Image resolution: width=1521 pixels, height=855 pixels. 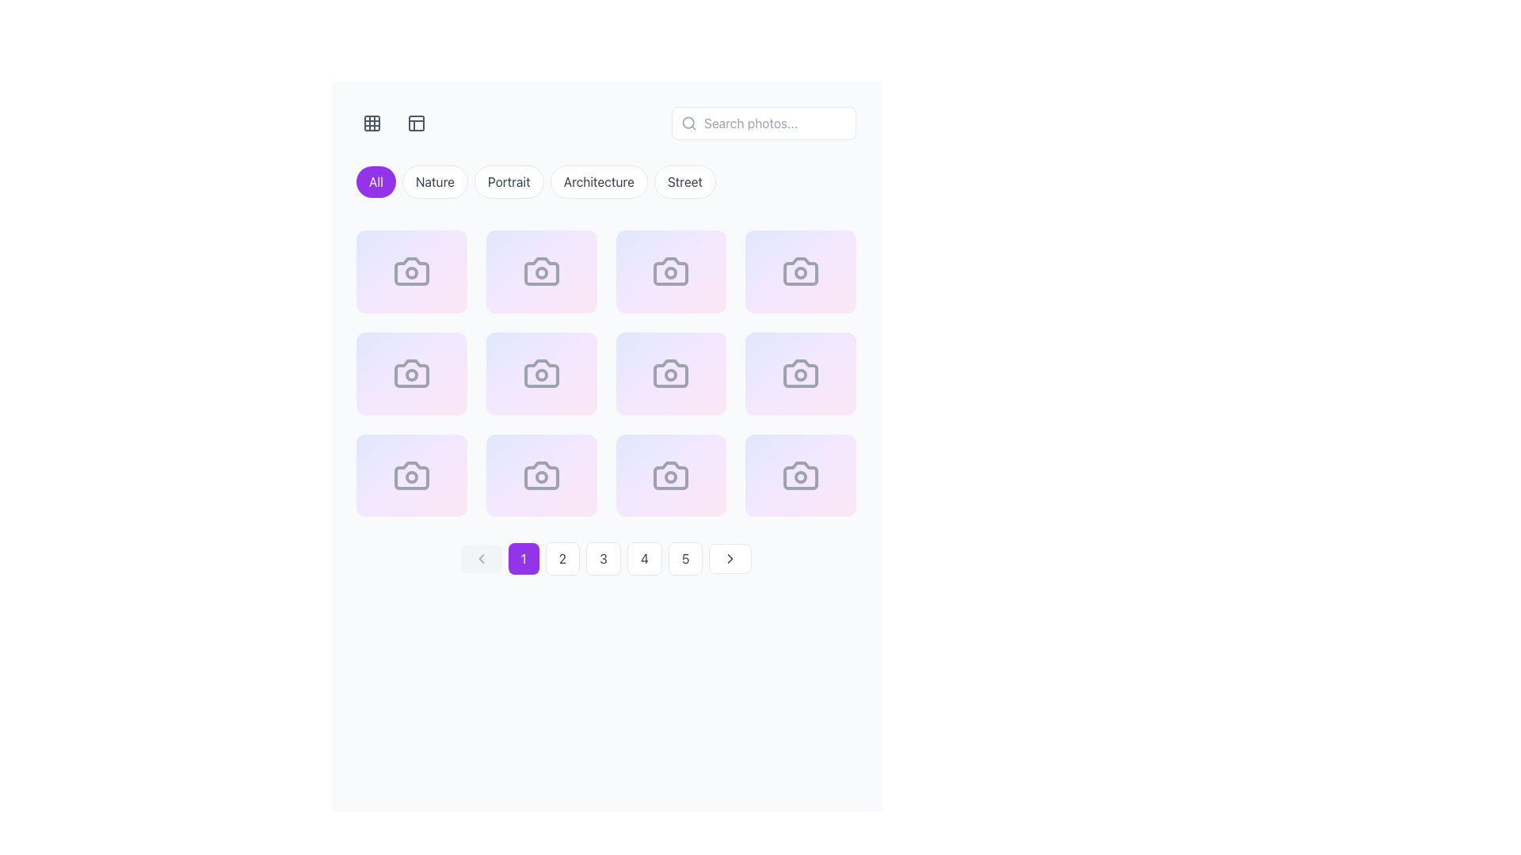 I want to click on the decorative or status-indicating visual element that indicates a special state or notification related to the camera icon, positioned centrally inside the camera icon in the fourth column of the third row, so click(x=801, y=272).